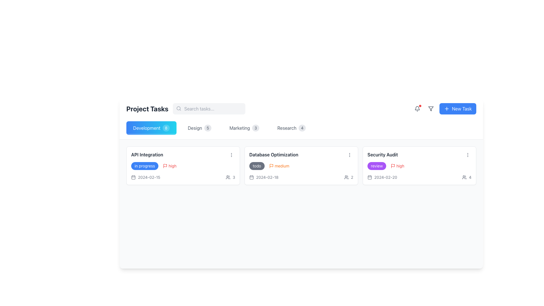  Describe the element at coordinates (151, 134) in the screenshot. I see `the decorative bar located beneath the 'Development' text and badge '8' within the 'Development 8' button component` at that location.